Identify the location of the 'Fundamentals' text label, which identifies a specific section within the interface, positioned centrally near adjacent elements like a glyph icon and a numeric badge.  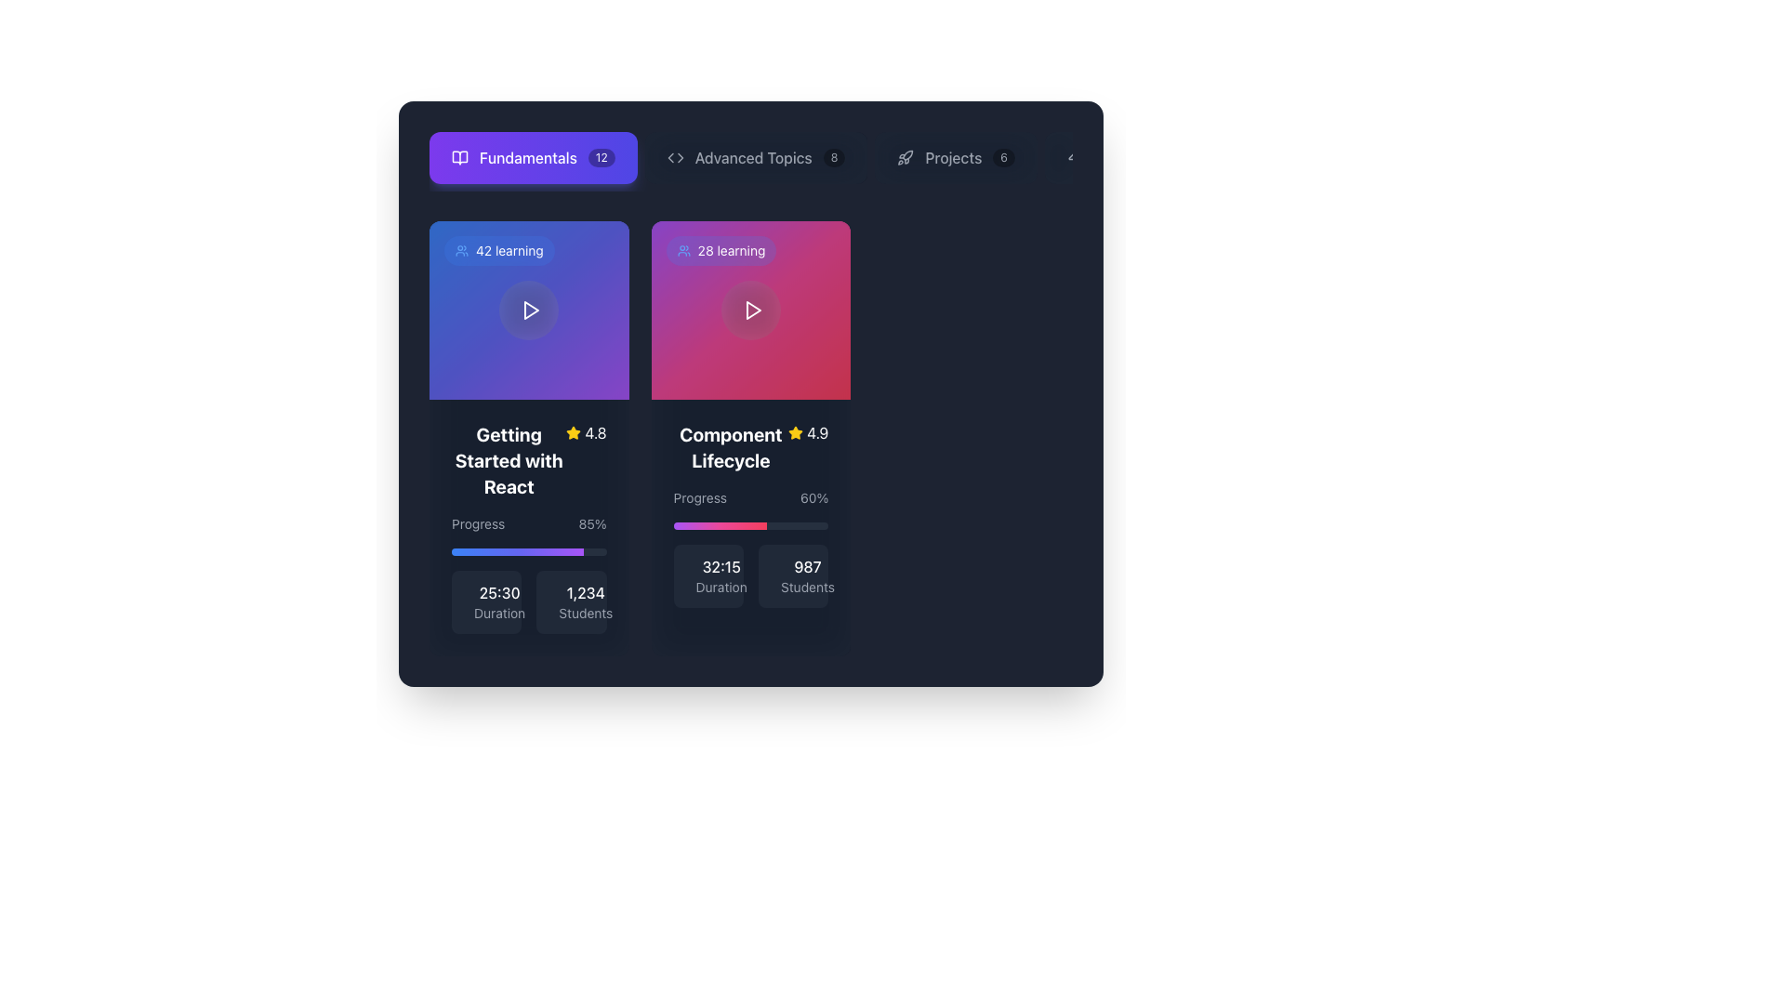
(527, 156).